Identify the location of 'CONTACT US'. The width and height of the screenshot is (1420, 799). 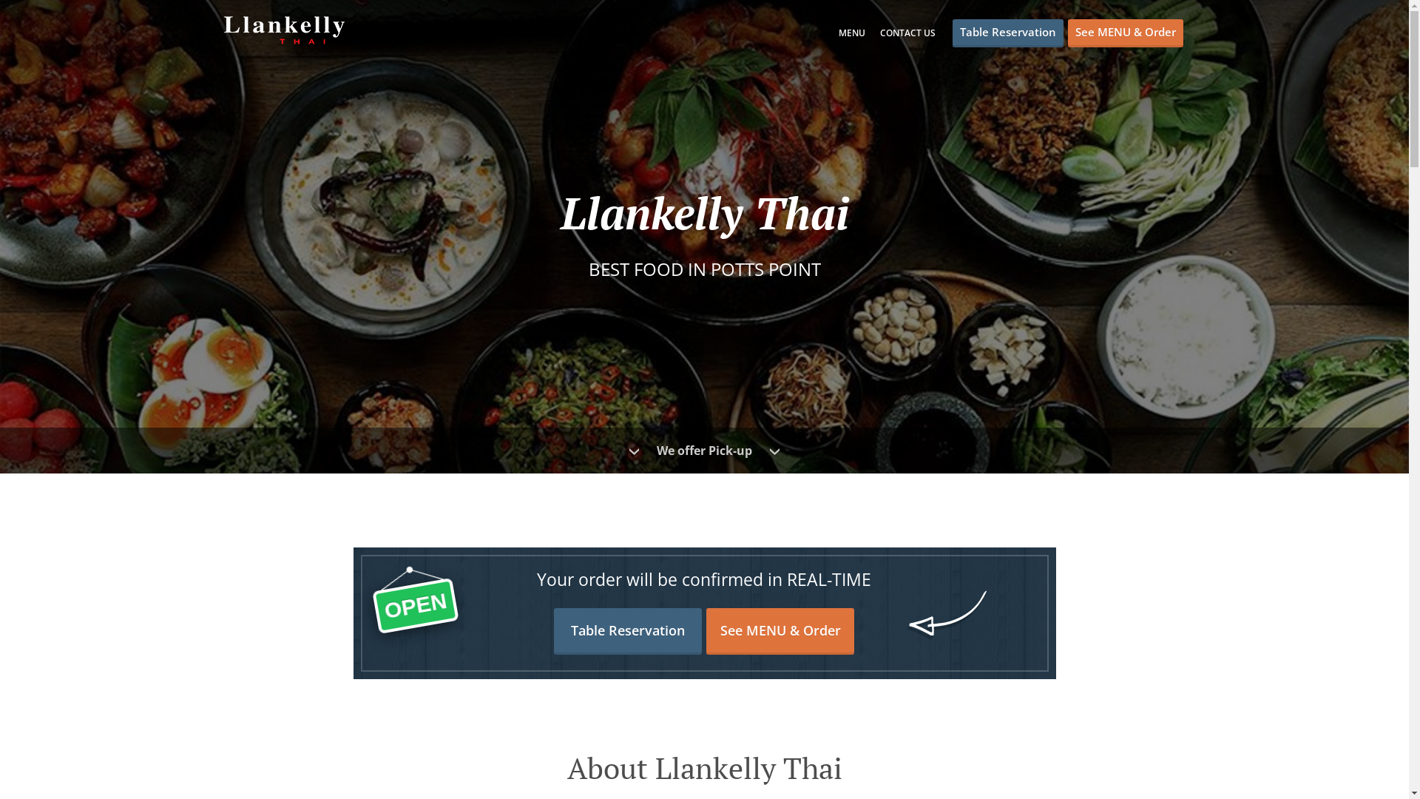
(907, 33).